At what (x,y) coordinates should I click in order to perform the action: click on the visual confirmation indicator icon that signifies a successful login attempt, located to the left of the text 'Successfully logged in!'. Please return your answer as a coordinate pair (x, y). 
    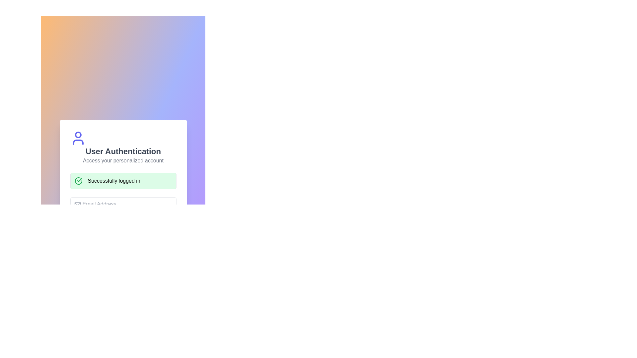
    Looking at the image, I should click on (78, 181).